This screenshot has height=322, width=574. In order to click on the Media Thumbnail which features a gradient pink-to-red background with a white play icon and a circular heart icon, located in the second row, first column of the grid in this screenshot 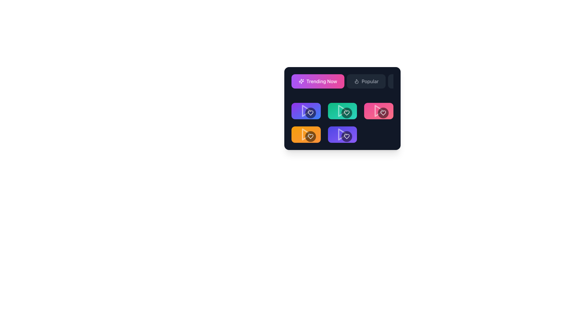, I will do `click(378, 111)`.